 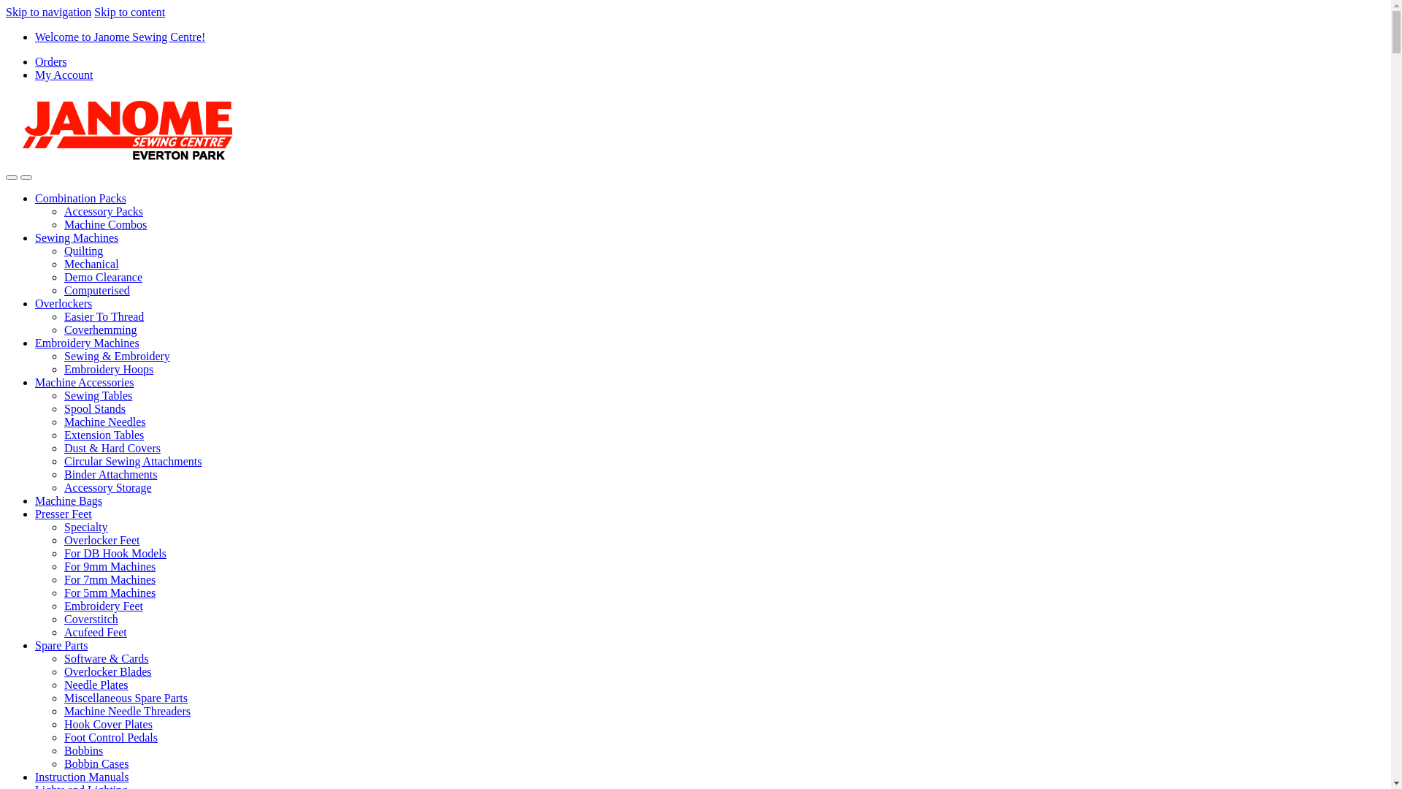 What do you see at coordinates (107, 487) in the screenshot?
I see `'Accessory Storage'` at bounding box center [107, 487].